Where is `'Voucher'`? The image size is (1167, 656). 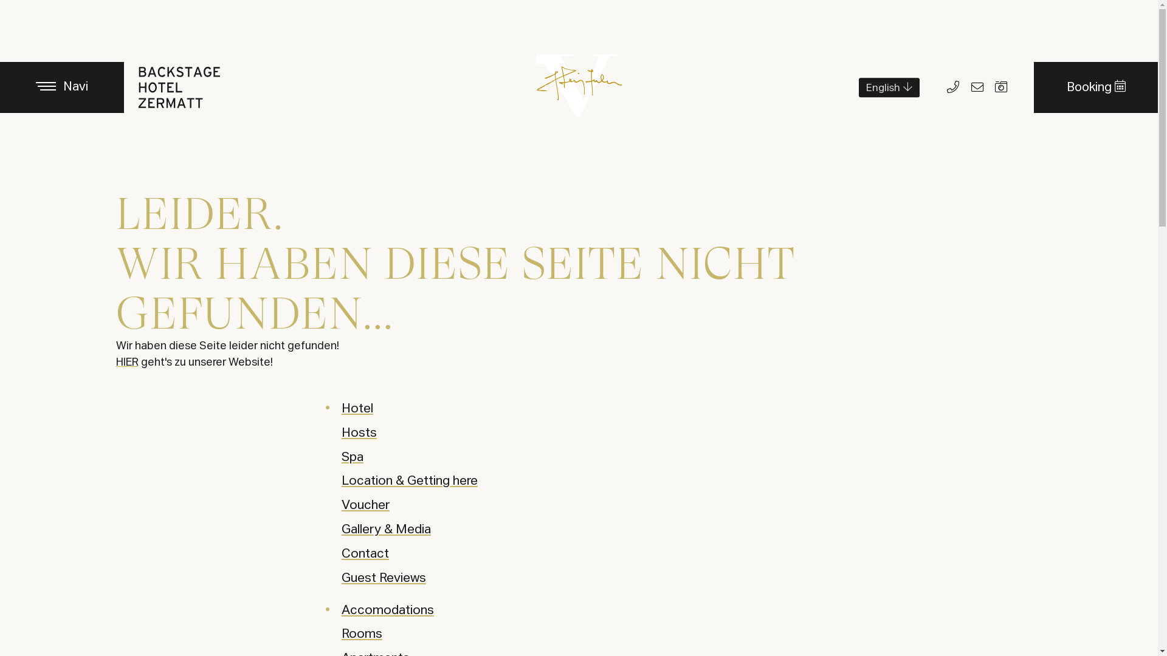 'Voucher' is located at coordinates (365, 505).